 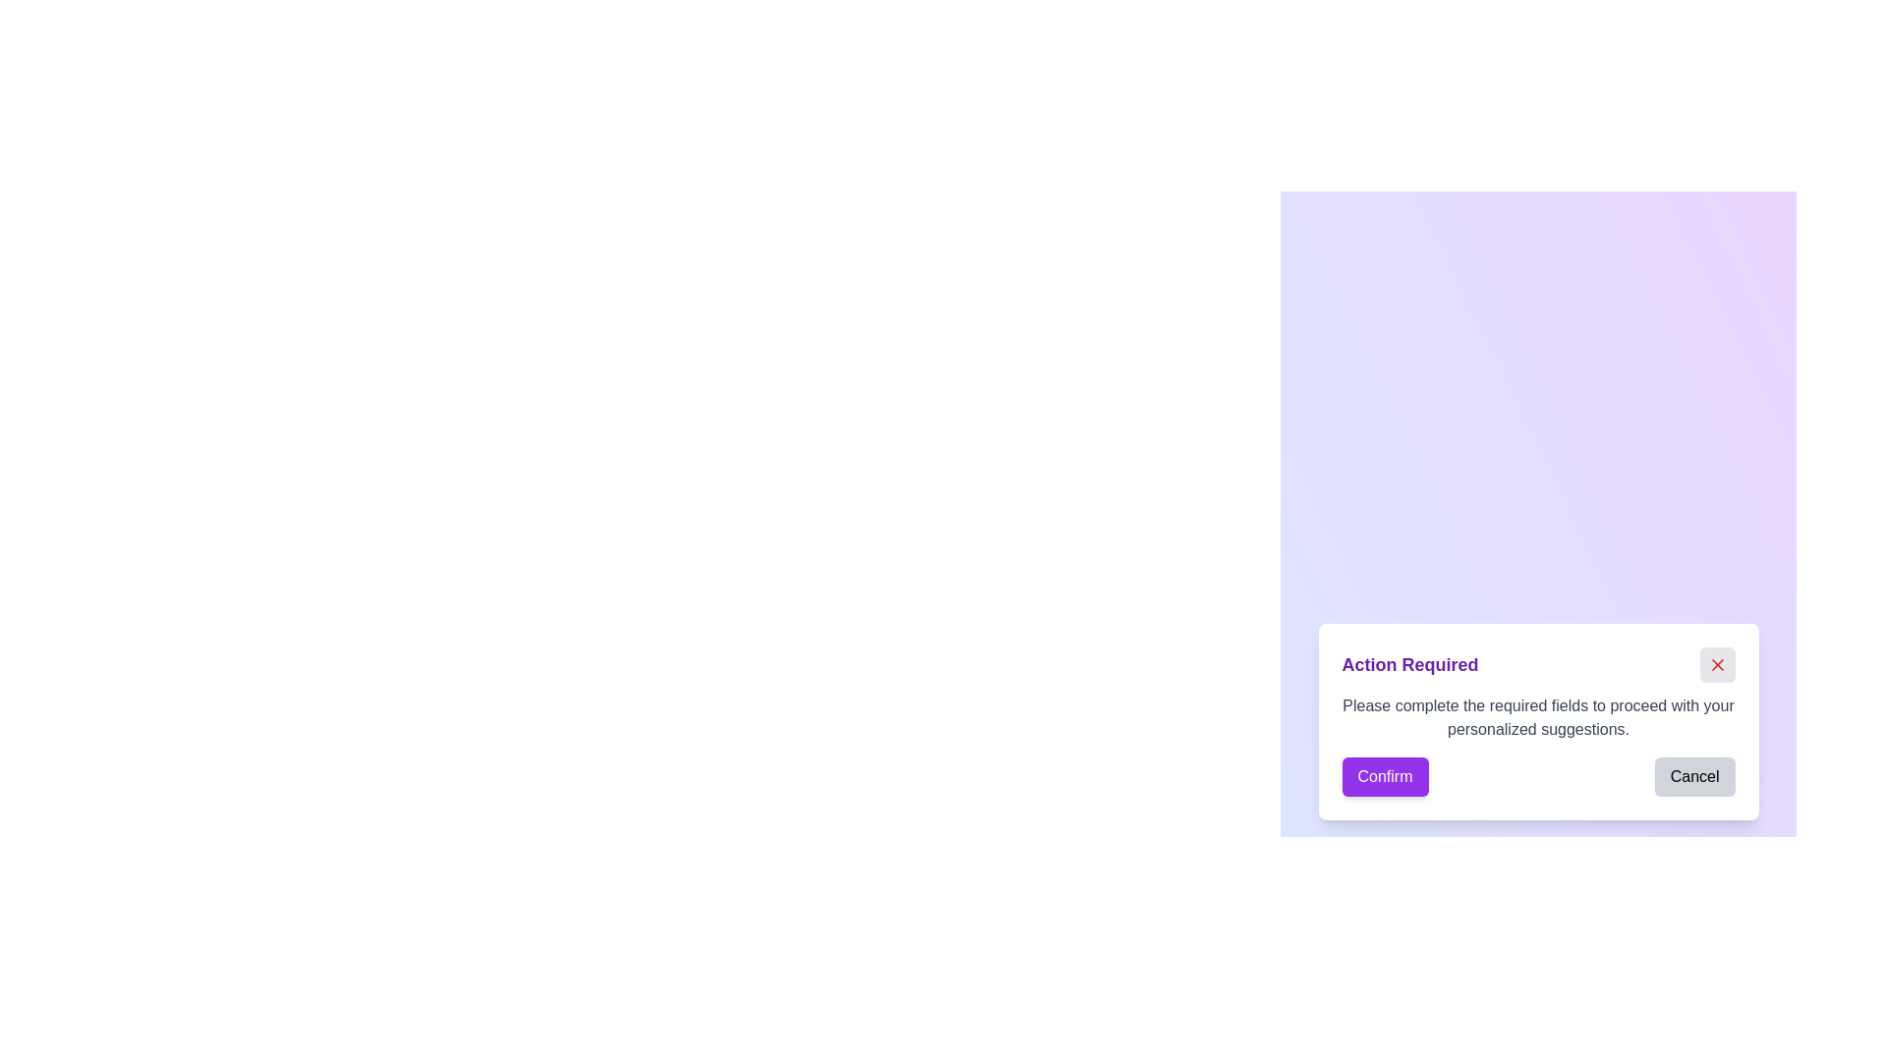 I want to click on the close button located in the top-right corner of the modal dialog, so click(x=1716, y=664).